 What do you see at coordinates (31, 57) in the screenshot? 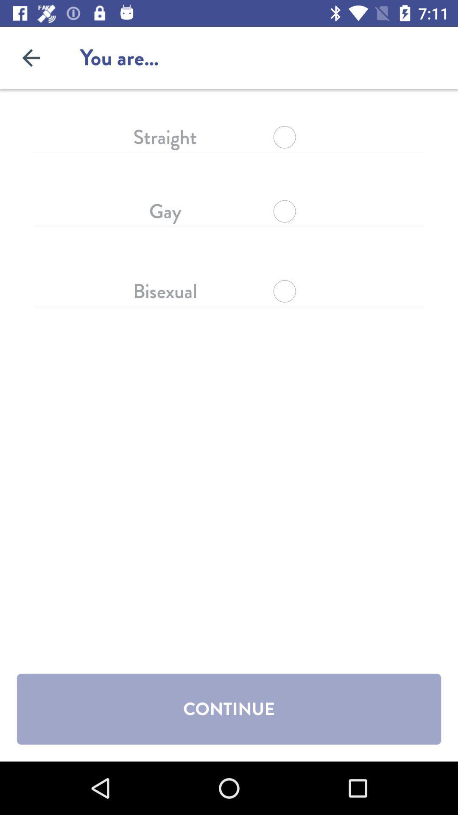
I see `the icon above the straight item` at bounding box center [31, 57].